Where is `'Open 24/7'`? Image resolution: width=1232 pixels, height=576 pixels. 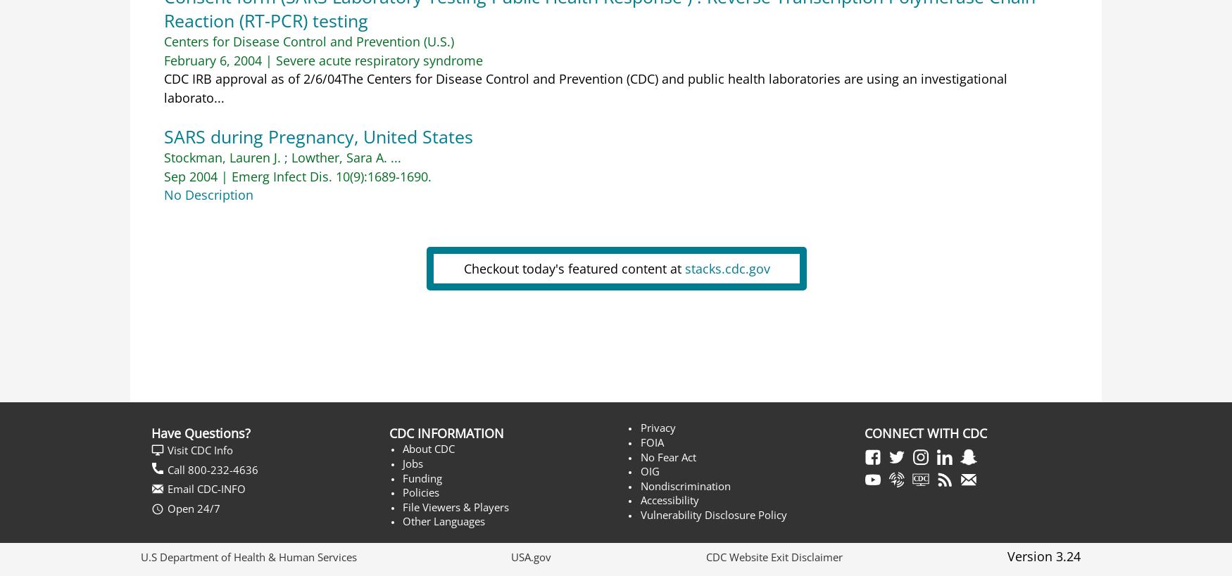 'Open 24/7' is located at coordinates (193, 508).